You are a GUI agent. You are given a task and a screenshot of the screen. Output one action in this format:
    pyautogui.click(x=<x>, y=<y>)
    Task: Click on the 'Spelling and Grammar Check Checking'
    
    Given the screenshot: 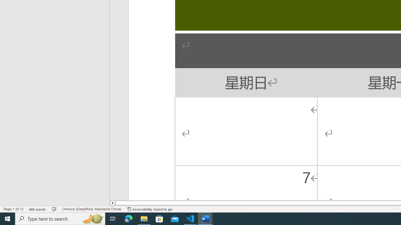 What is the action you would take?
    pyautogui.click(x=54, y=209)
    